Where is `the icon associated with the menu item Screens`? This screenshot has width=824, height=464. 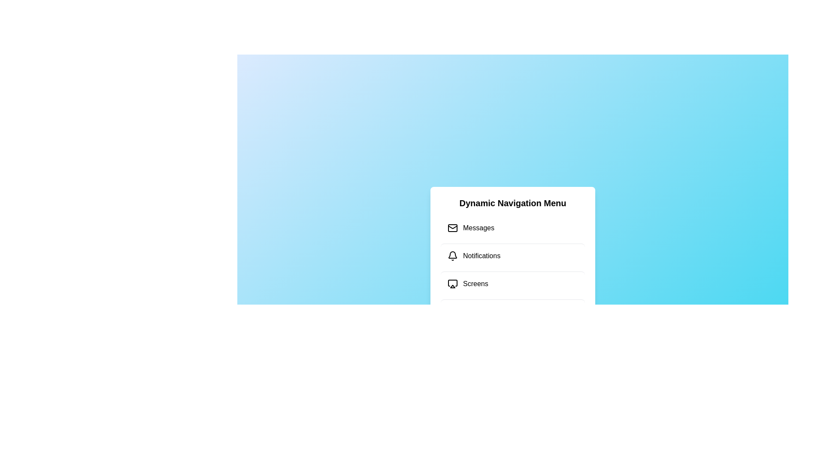
the icon associated with the menu item Screens is located at coordinates (452, 284).